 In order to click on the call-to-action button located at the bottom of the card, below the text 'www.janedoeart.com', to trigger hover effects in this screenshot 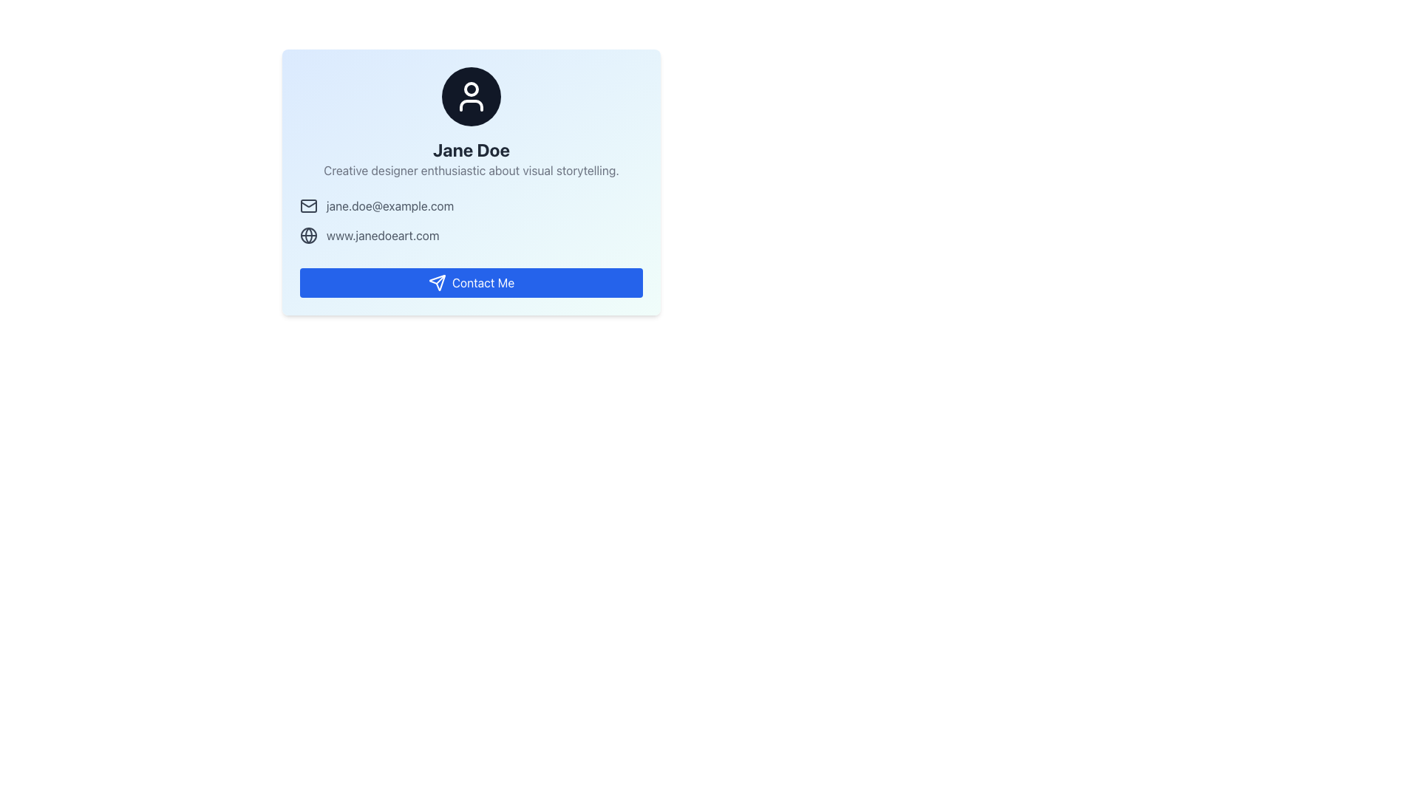, I will do `click(471, 282)`.